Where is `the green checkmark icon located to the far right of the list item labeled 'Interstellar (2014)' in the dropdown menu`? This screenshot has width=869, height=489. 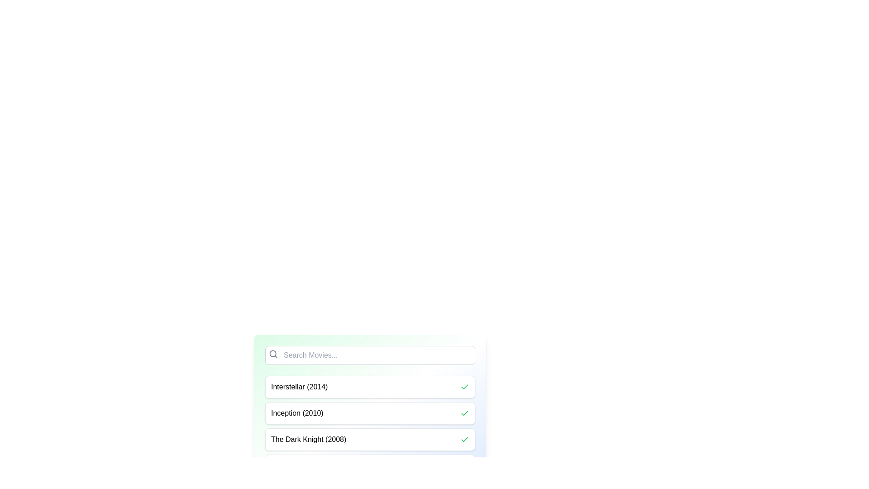 the green checkmark icon located to the far right of the list item labeled 'Interstellar (2014)' in the dropdown menu is located at coordinates (465, 387).